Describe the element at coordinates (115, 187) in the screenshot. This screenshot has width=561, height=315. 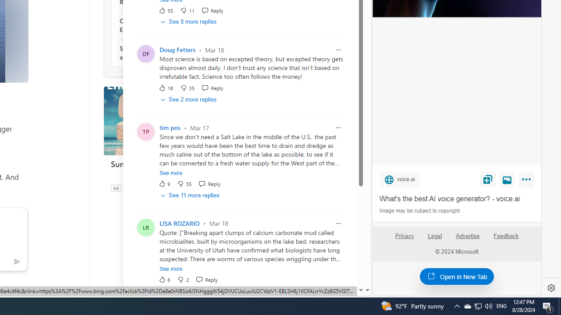
I see `'Ad'` at that location.